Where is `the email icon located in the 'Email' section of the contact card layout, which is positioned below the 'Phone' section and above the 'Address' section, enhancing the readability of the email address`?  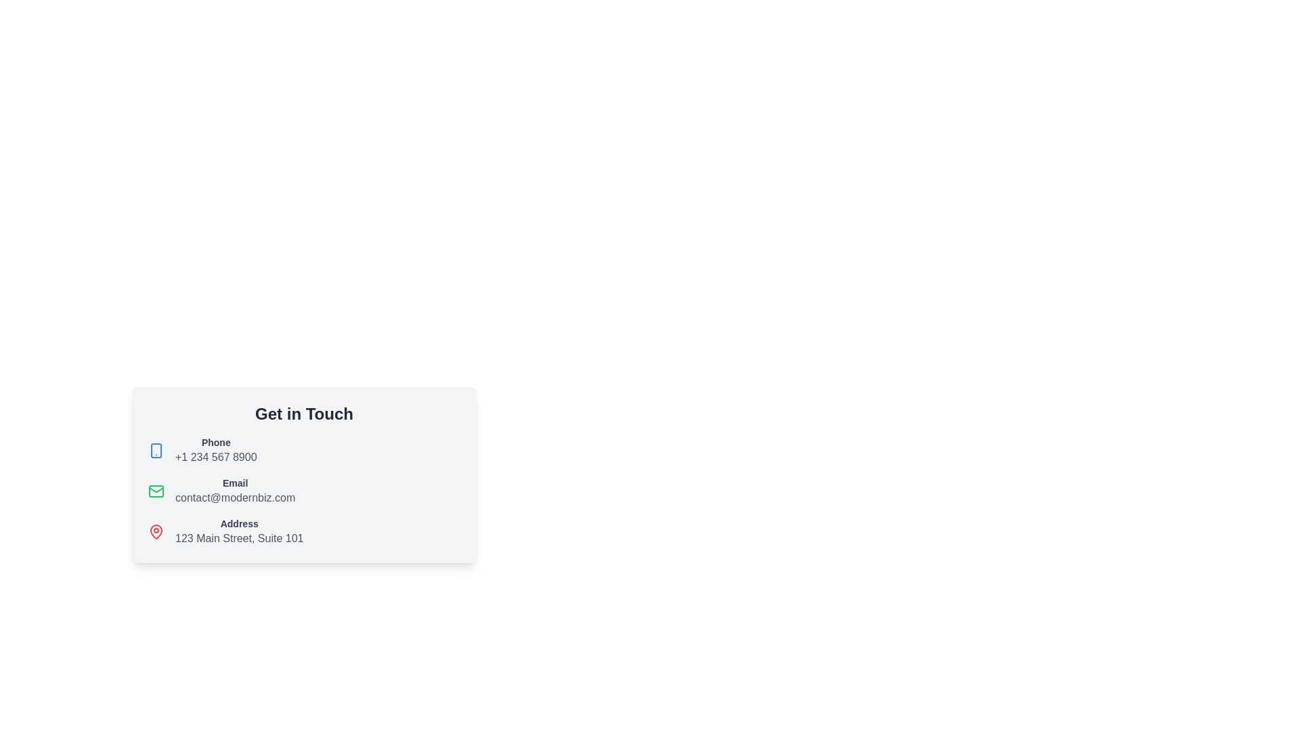
the email icon located in the 'Email' section of the contact card layout, which is positioned below the 'Phone' section and above the 'Address' section, enhancing the readability of the email address is located at coordinates (156, 491).